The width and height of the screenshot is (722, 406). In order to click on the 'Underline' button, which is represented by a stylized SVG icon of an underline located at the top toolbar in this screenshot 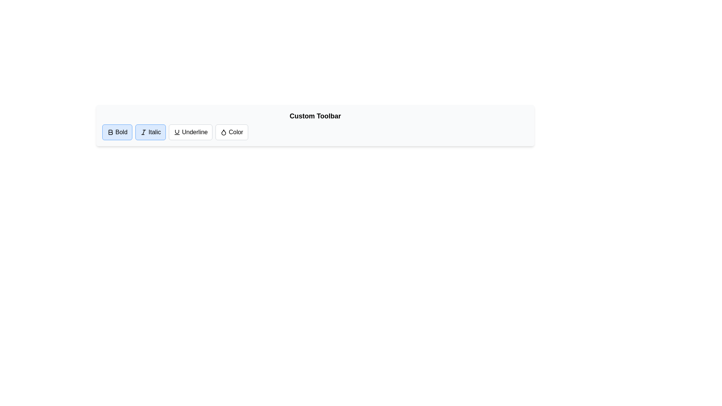, I will do `click(176, 132)`.